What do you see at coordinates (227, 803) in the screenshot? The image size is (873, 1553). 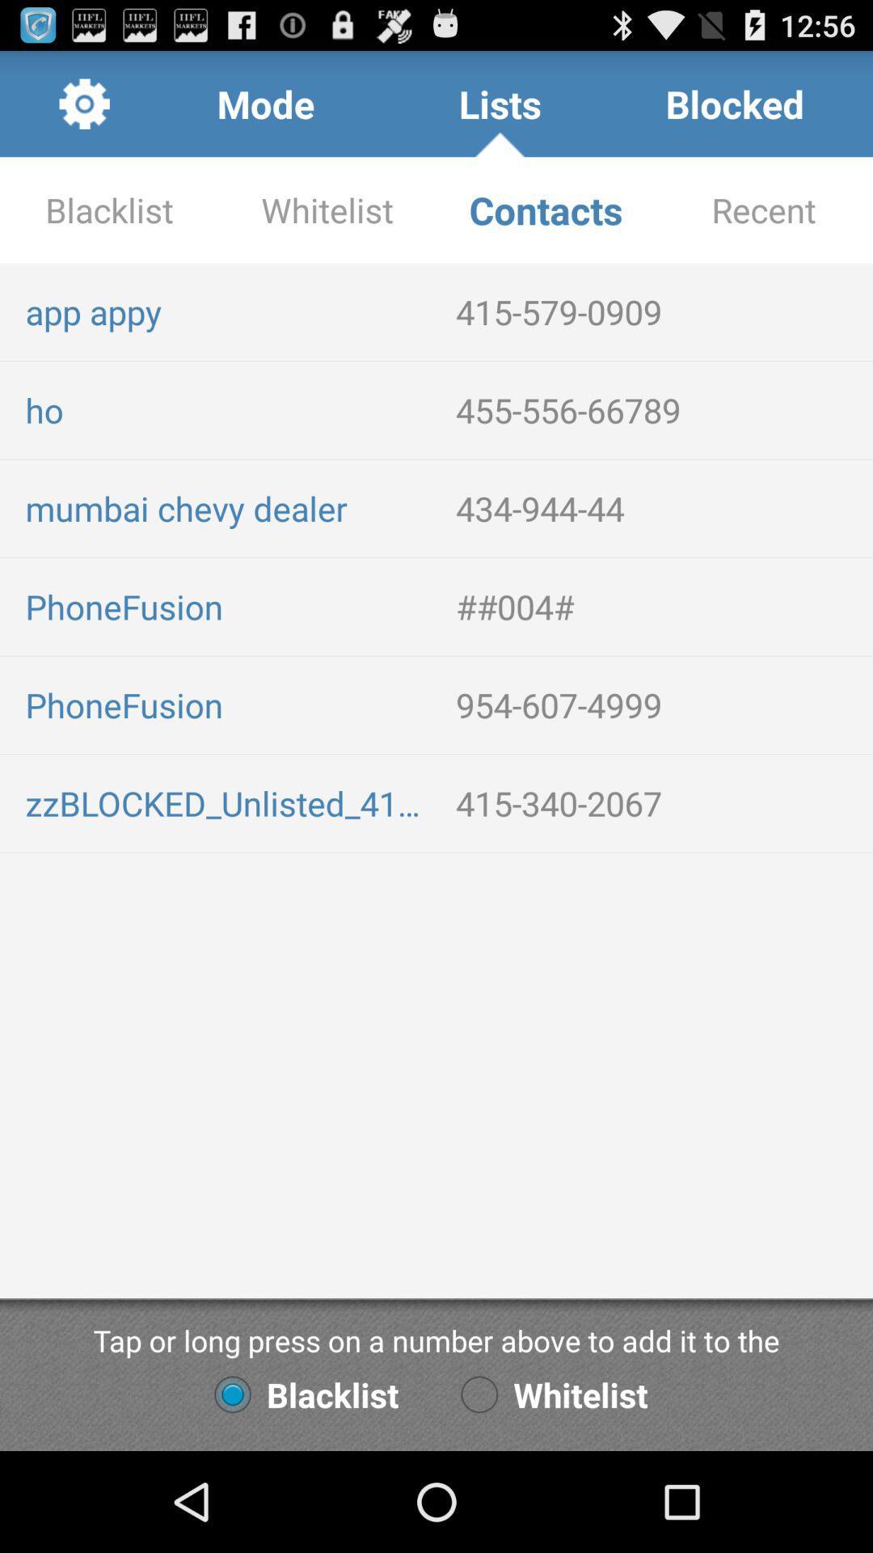 I see `the icon below phonefusion` at bounding box center [227, 803].